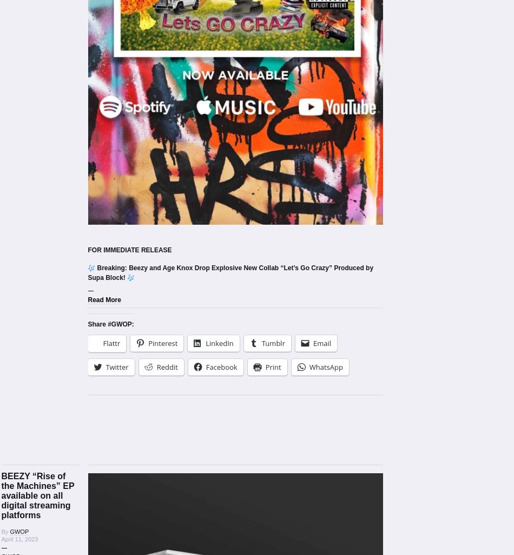 This screenshot has height=555, width=514. Describe the element at coordinates (5, 531) in the screenshot. I see `'By'` at that location.